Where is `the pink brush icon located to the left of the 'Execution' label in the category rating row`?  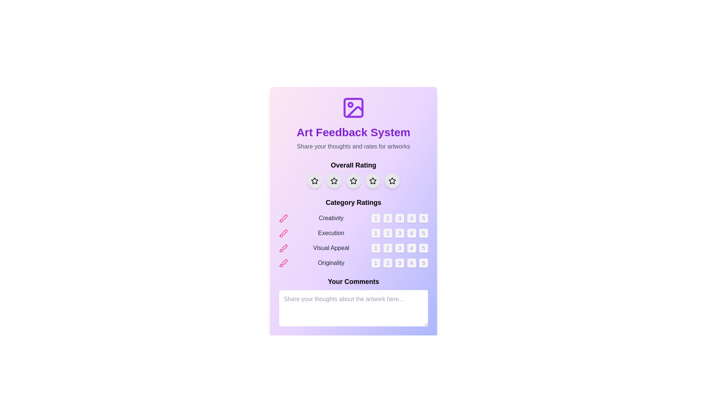 the pink brush icon located to the left of the 'Execution' label in the category rating row is located at coordinates (283, 232).